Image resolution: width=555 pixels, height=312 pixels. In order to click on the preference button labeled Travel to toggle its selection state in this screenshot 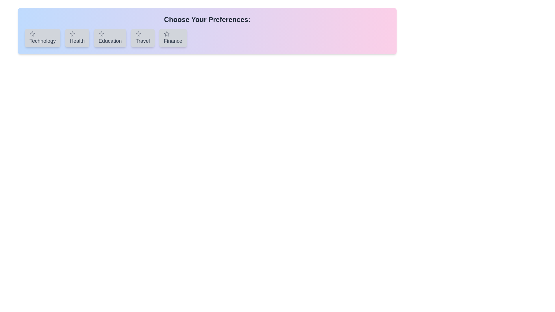, I will do `click(143, 38)`.